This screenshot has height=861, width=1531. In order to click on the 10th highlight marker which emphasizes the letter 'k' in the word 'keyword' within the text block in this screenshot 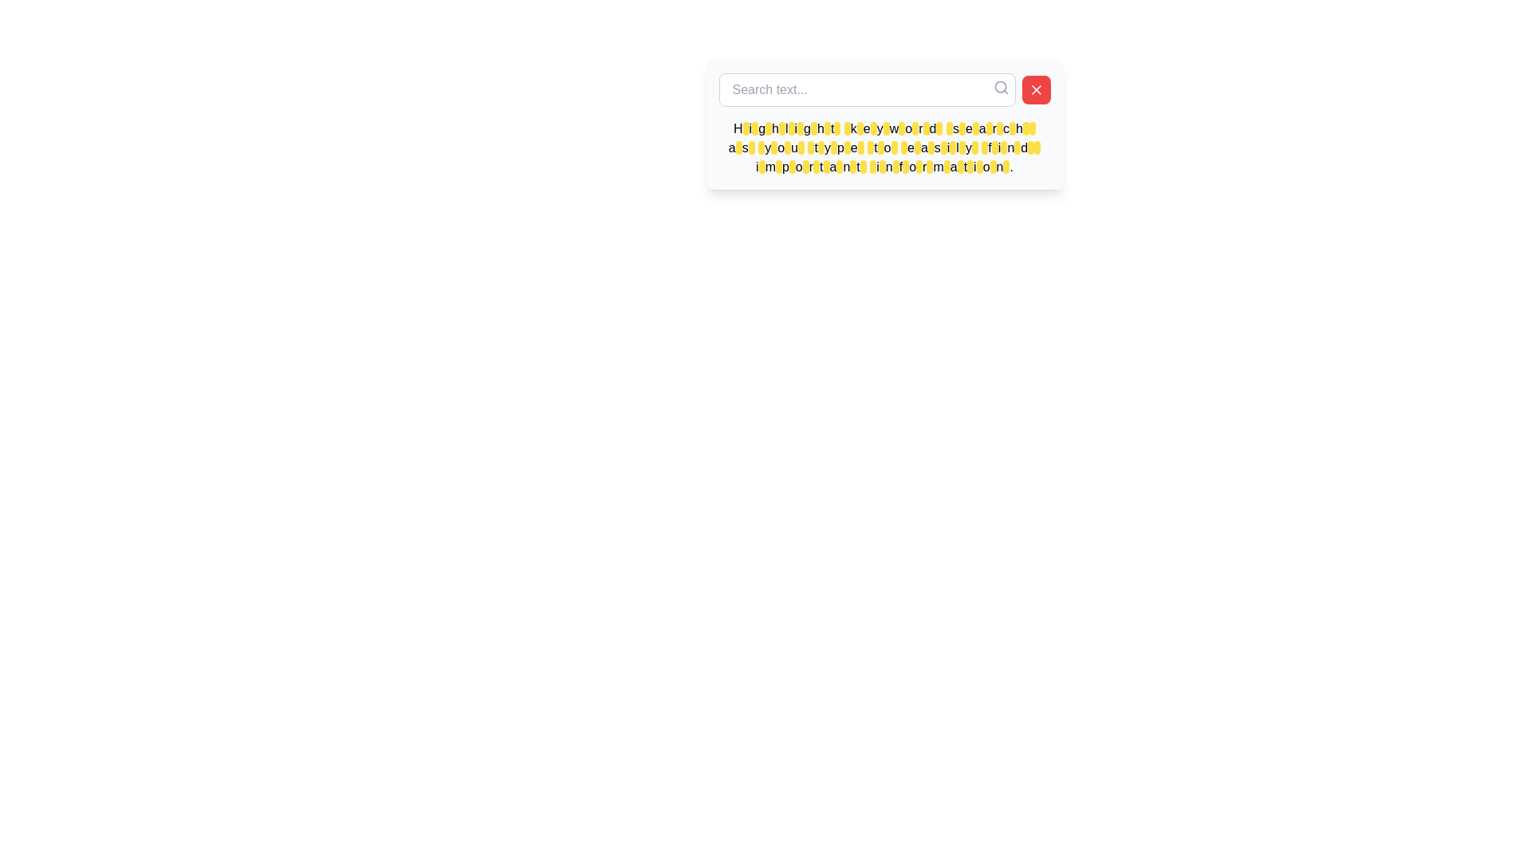, I will do `click(846, 128)`.